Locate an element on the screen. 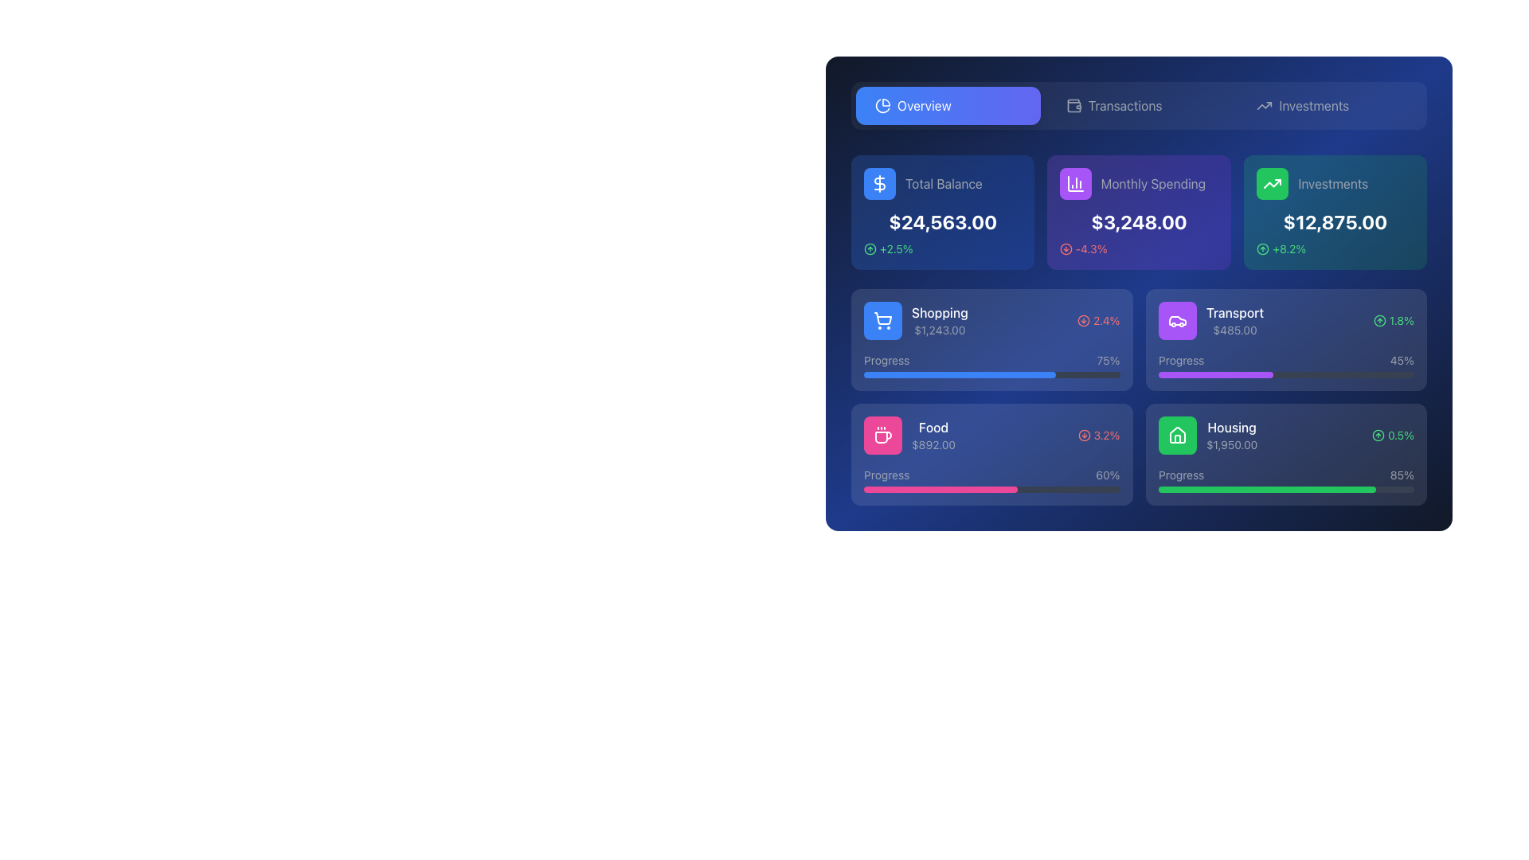  the blue progress bar segment indicating 75% completion within the 'Shopping' widget's progress bar is located at coordinates (959, 374).